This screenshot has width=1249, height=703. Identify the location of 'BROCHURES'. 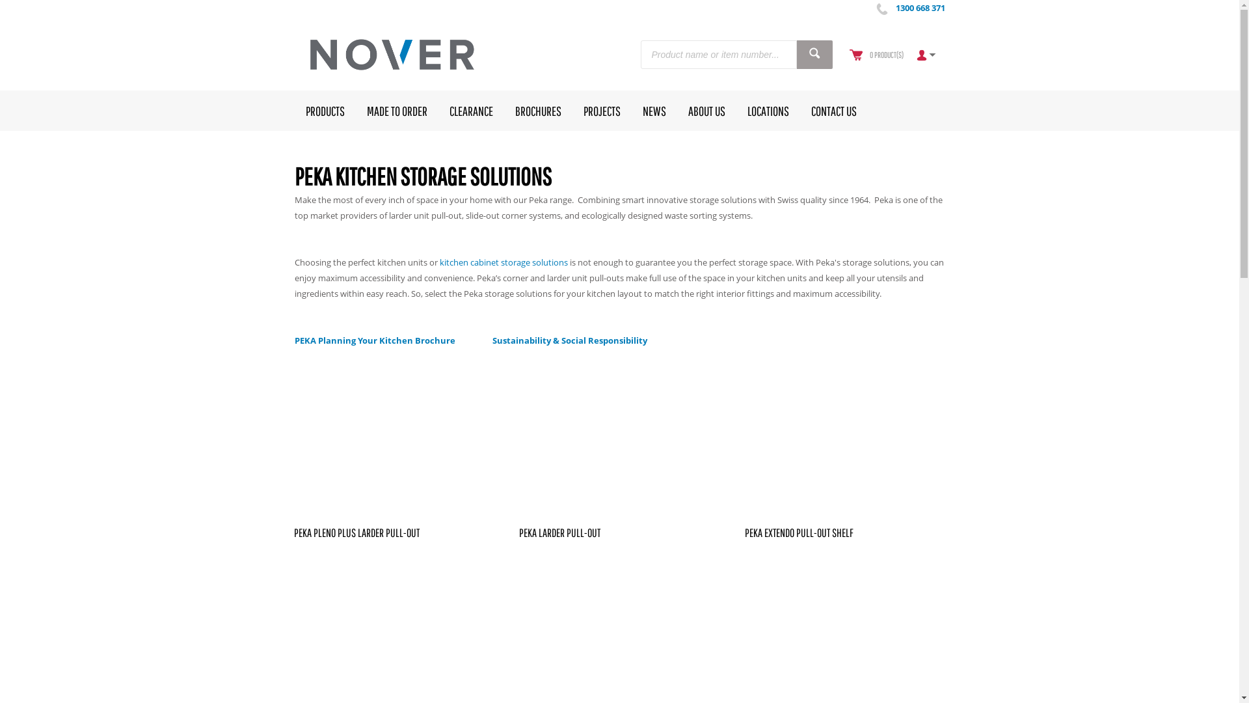
(537, 109).